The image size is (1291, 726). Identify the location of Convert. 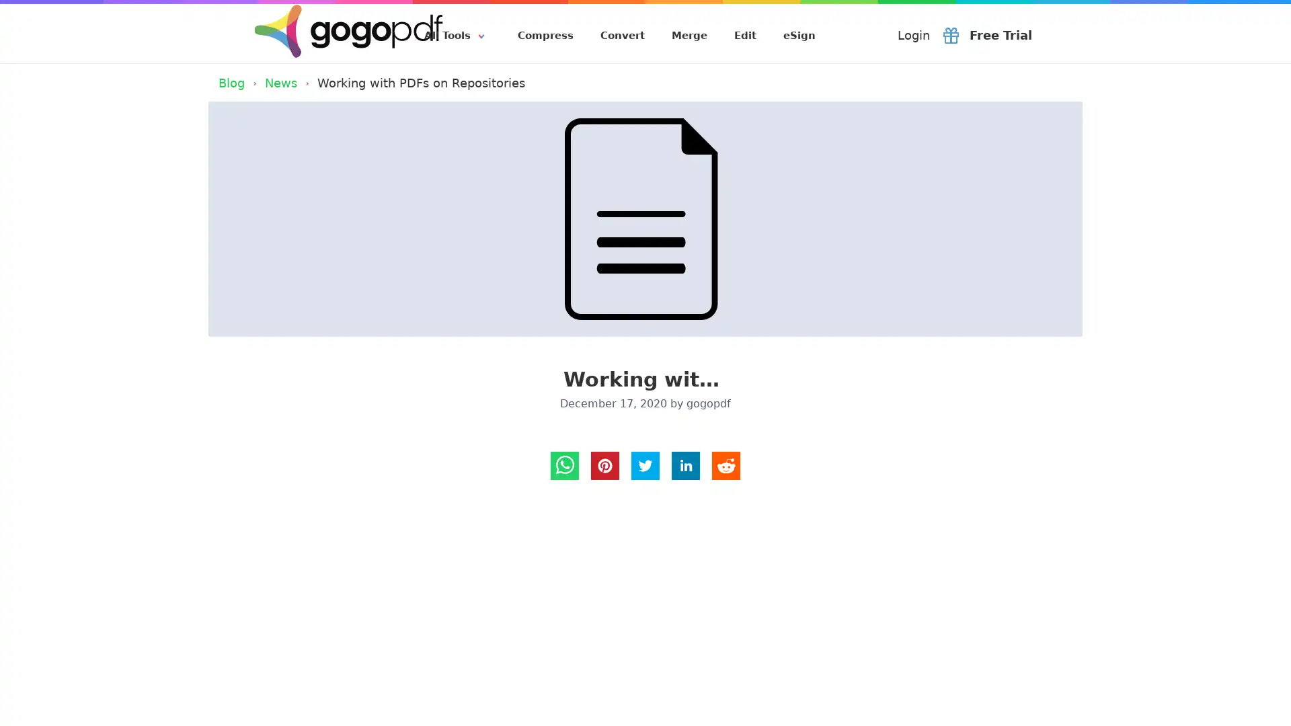
(622, 34).